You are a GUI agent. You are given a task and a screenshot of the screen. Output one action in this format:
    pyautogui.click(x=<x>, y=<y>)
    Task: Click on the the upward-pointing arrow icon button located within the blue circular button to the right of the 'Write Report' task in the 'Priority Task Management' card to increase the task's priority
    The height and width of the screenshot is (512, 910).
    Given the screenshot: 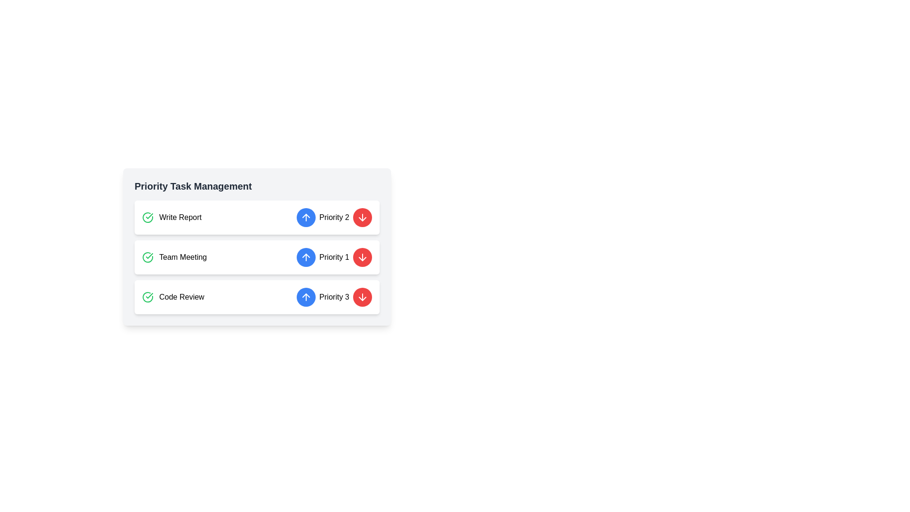 What is the action you would take?
    pyautogui.click(x=306, y=257)
    